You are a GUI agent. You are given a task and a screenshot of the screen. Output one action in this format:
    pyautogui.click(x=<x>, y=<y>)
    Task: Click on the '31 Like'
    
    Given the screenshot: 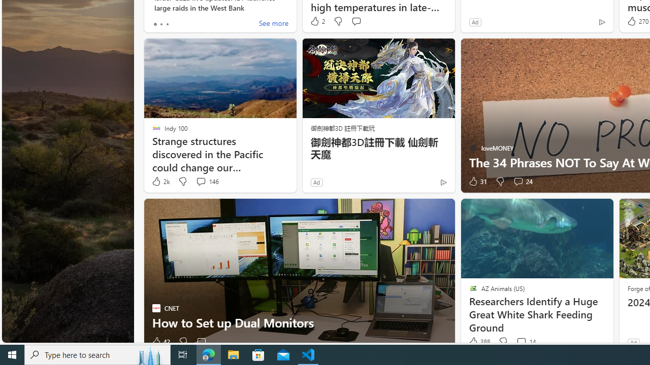 What is the action you would take?
    pyautogui.click(x=476, y=181)
    